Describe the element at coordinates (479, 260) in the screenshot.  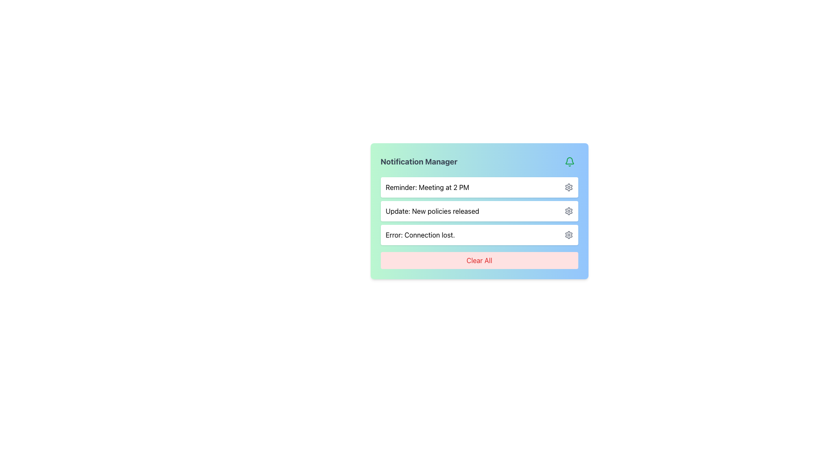
I see `the clear notifications button located at the bottom of the notification panel to observe its hover effects` at that location.